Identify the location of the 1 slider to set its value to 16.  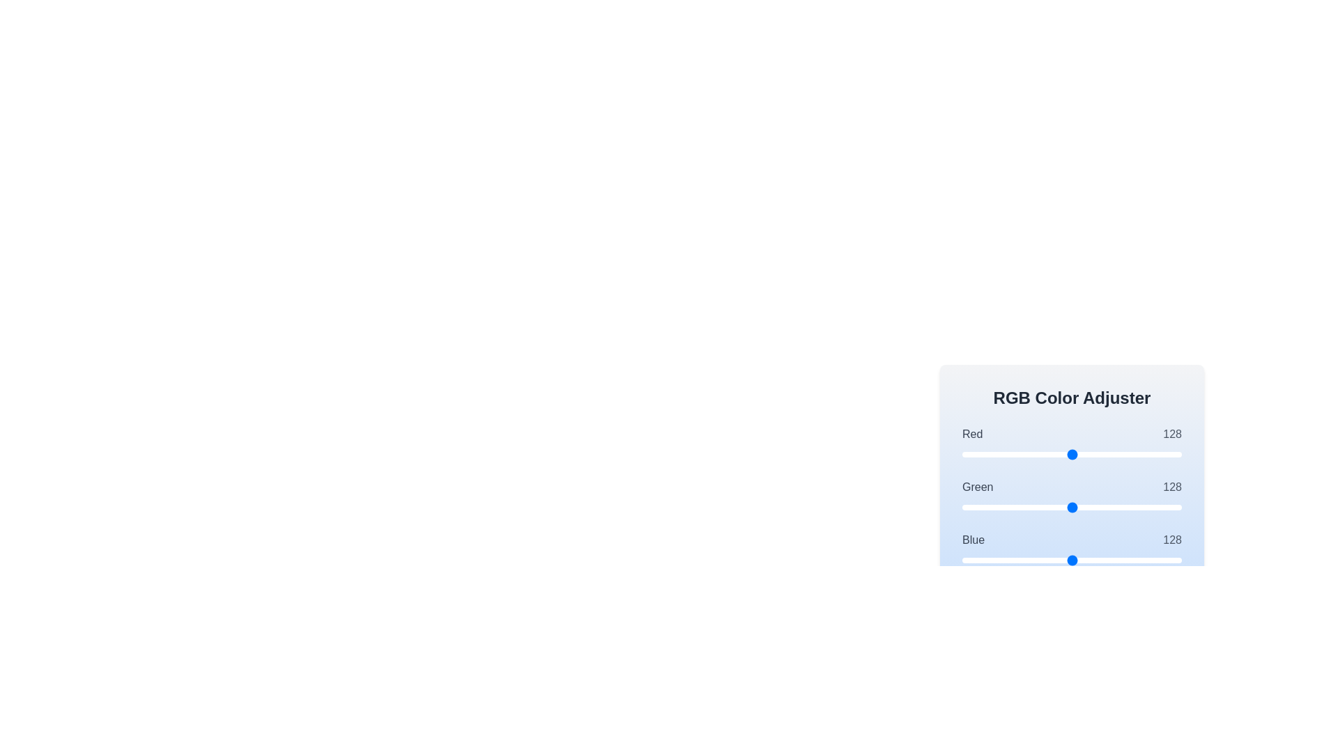
(975, 508).